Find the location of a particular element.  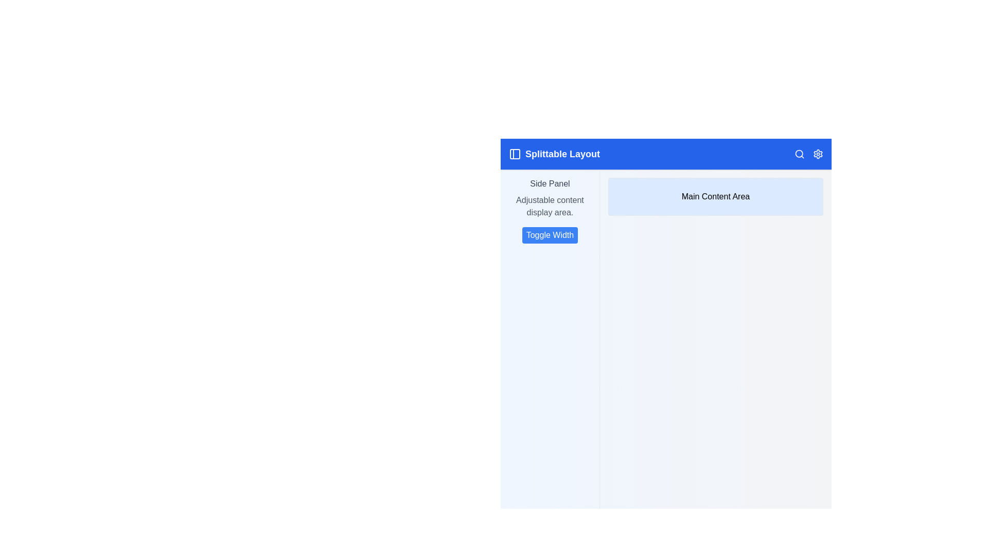

the 'Toggle Width' button, which is a blue rectangular button with white text, located in the left side panel below the 'Adjustable content display area.' is located at coordinates (549, 235).